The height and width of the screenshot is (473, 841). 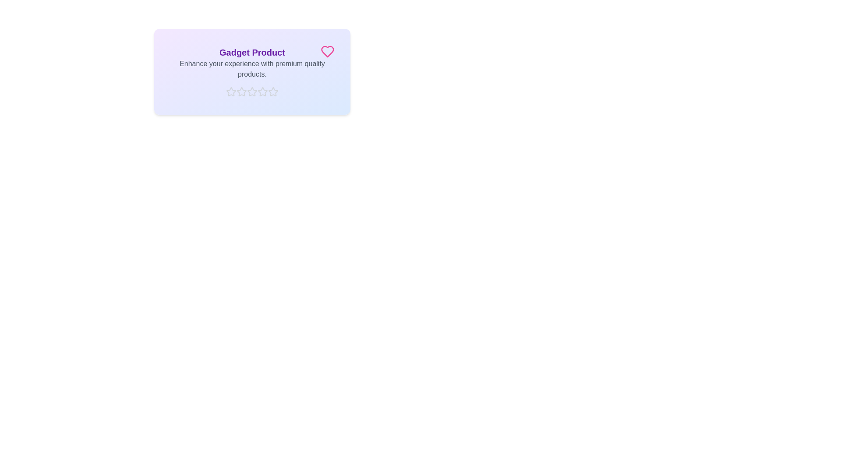 What do you see at coordinates (231, 92) in the screenshot?
I see `the star corresponding to the rating 1` at bounding box center [231, 92].